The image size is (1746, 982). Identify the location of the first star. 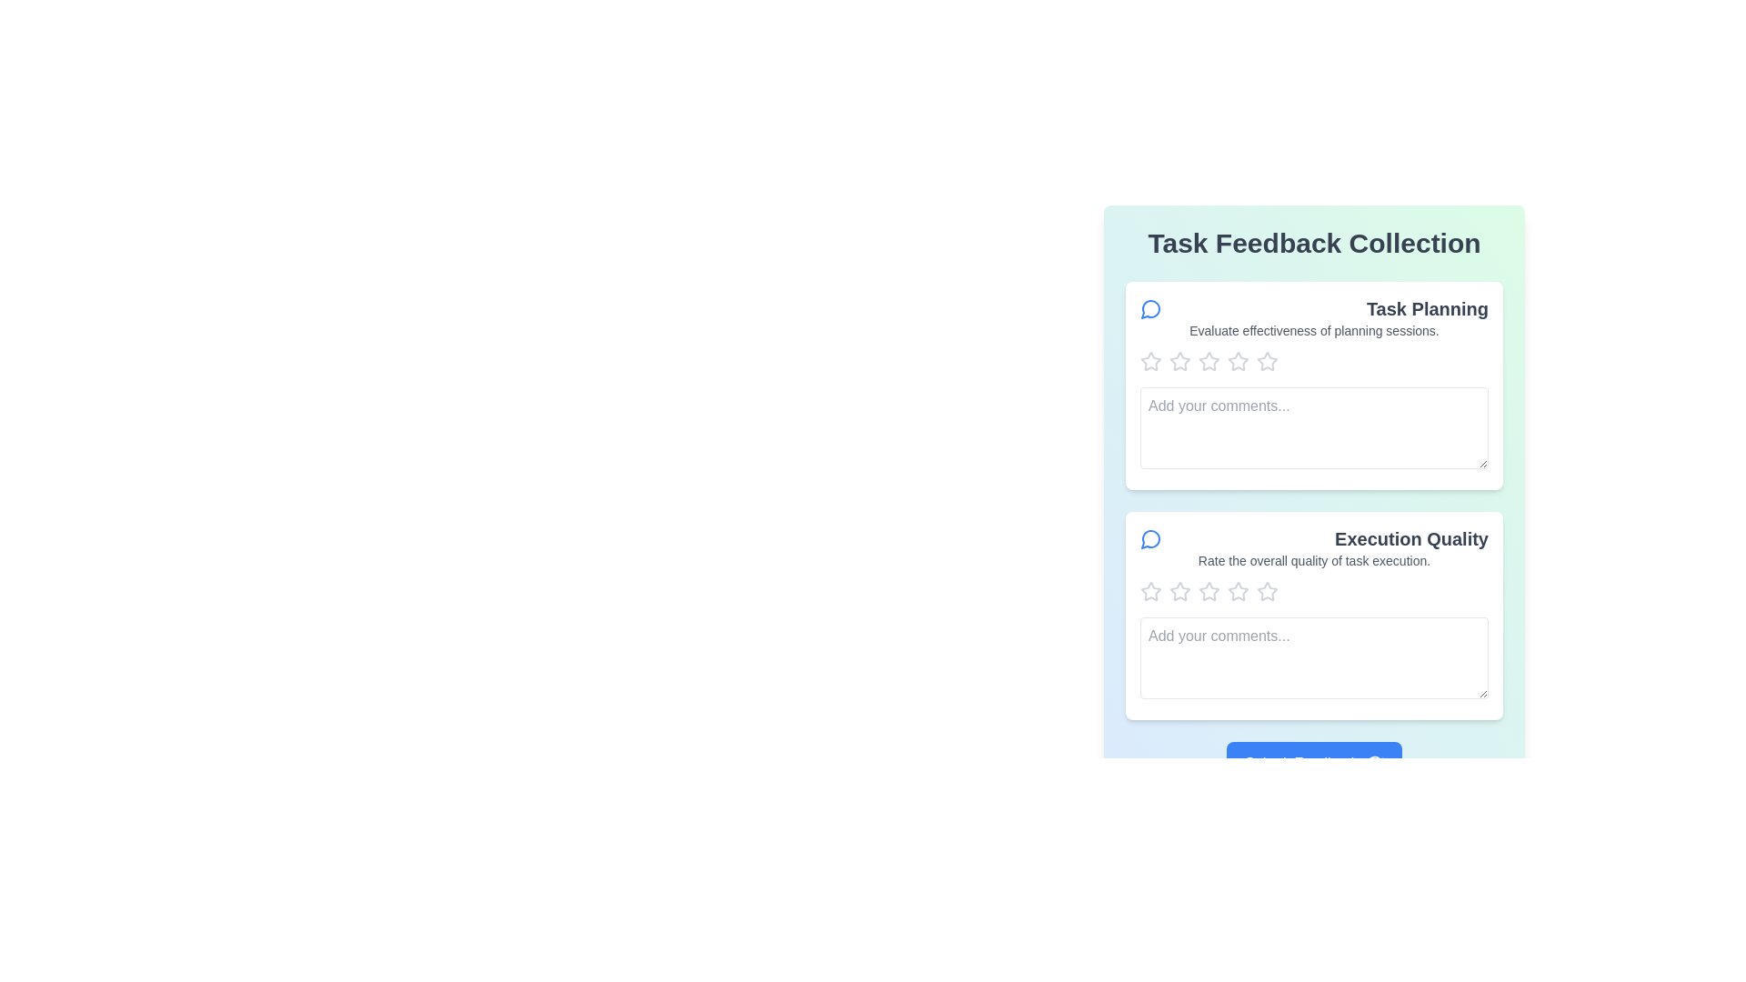
(1179, 361).